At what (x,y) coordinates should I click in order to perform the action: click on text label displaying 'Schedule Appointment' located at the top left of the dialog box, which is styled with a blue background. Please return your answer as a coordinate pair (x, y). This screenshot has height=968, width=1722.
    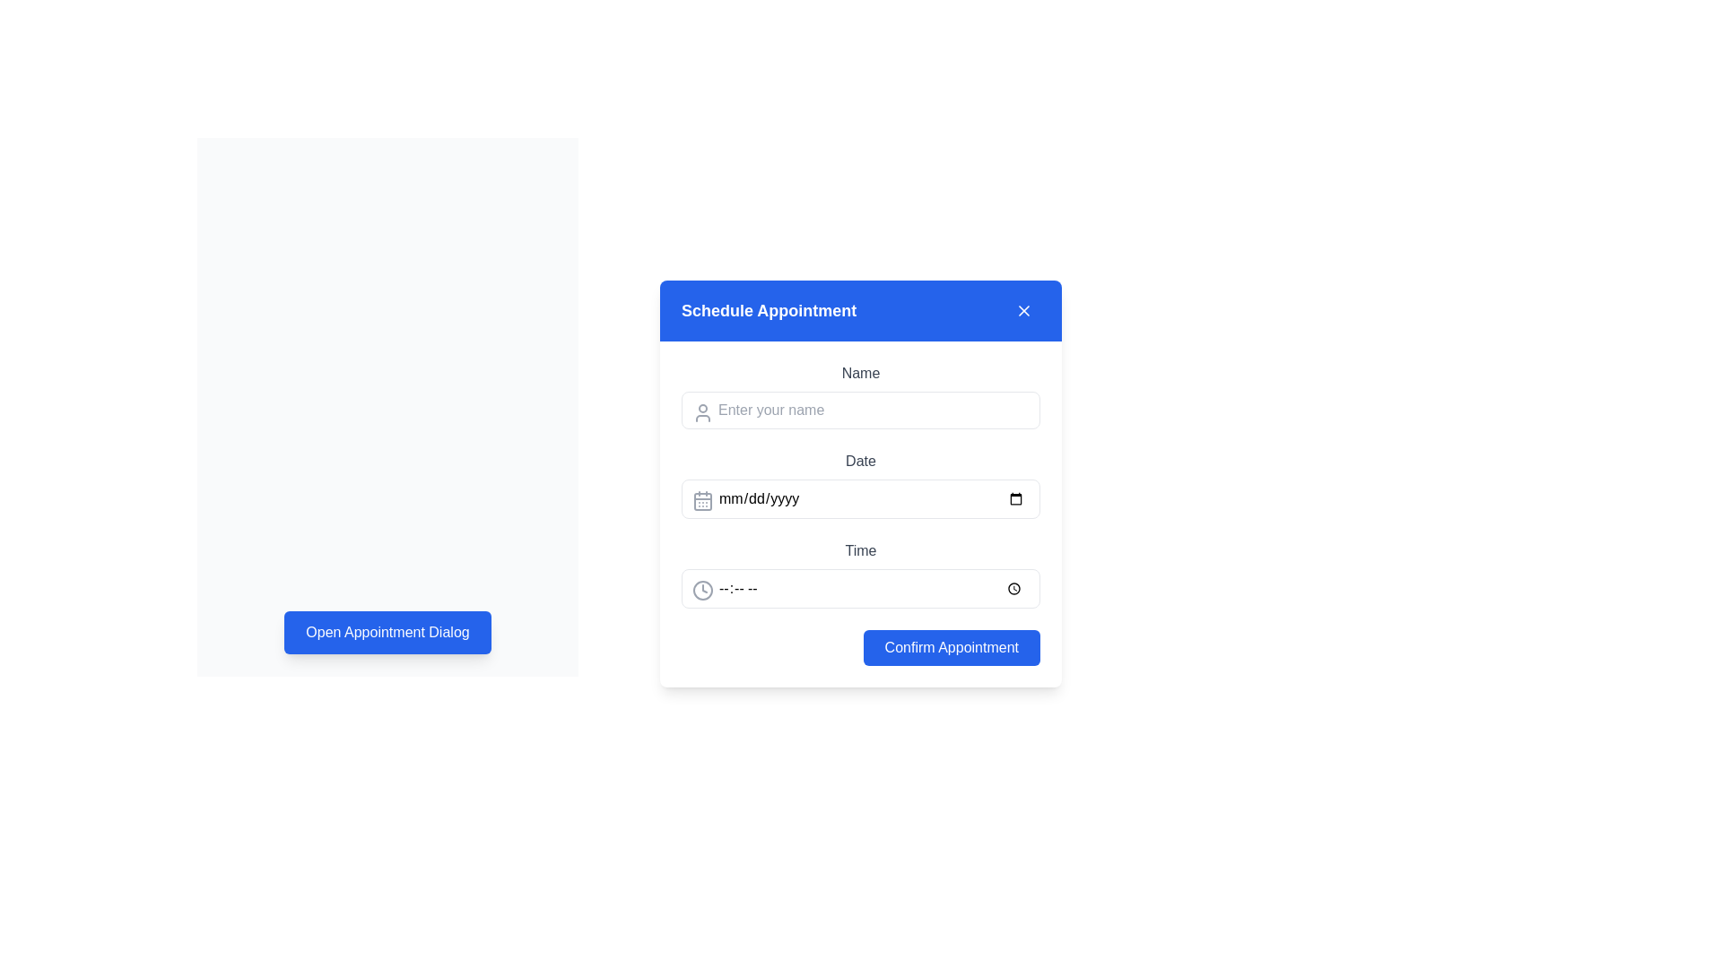
    Looking at the image, I should click on (769, 310).